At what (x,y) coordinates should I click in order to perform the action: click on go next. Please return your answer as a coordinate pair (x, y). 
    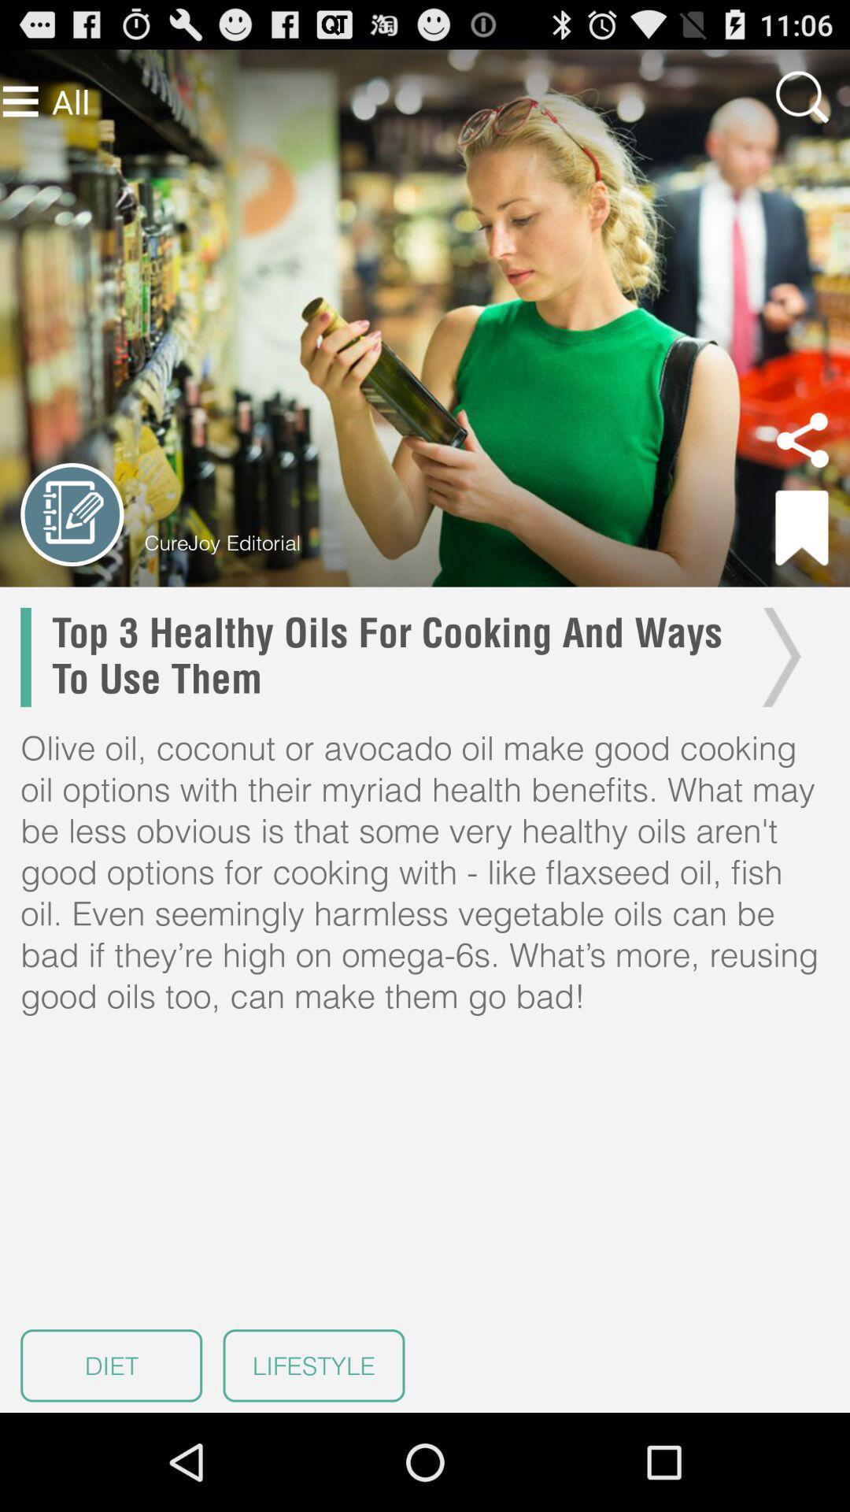
    Looking at the image, I should click on (777, 657).